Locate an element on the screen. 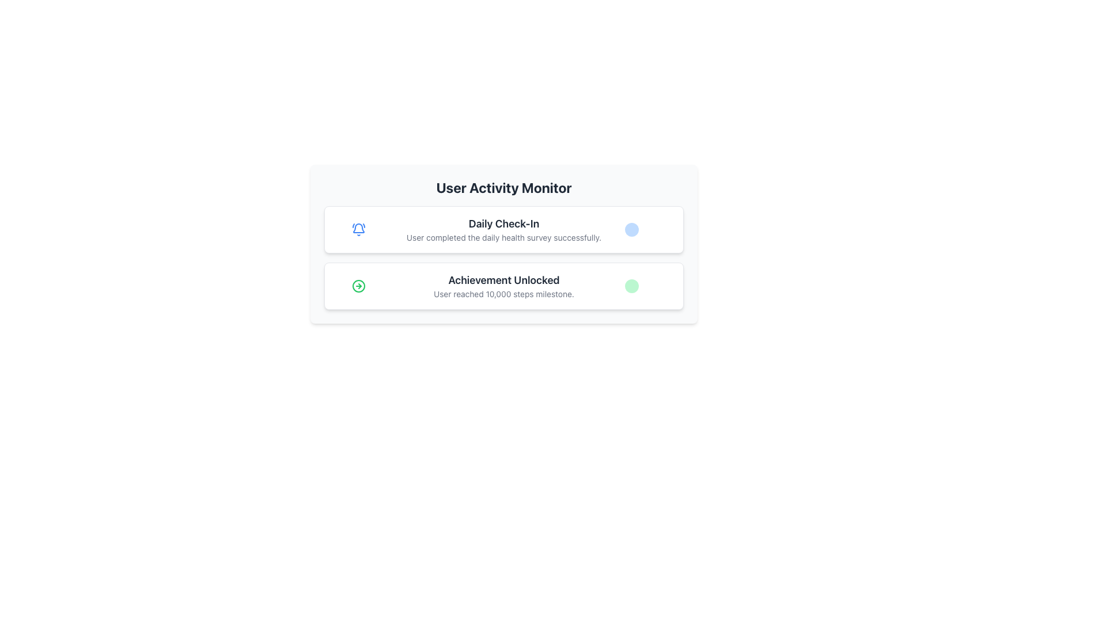 This screenshot has width=1106, height=622. the blue bell icon with ringing marks in the 'Daily Check-In' row of the 'User Activity Monitor' section is located at coordinates (358, 229).